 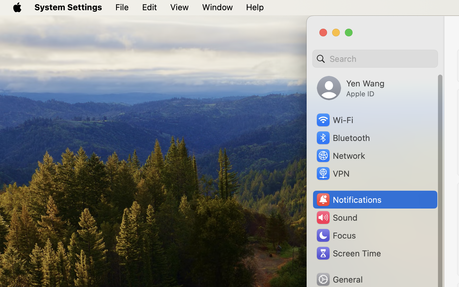 What do you see at coordinates (336, 217) in the screenshot?
I see `'Sound'` at bounding box center [336, 217].